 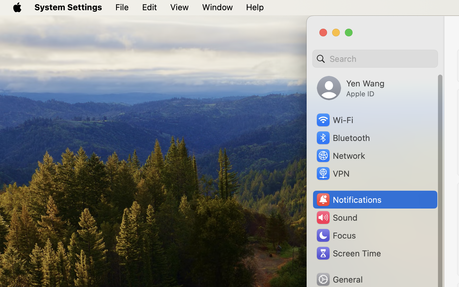 What do you see at coordinates (336, 217) in the screenshot?
I see `'Sound'` at bounding box center [336, 217].